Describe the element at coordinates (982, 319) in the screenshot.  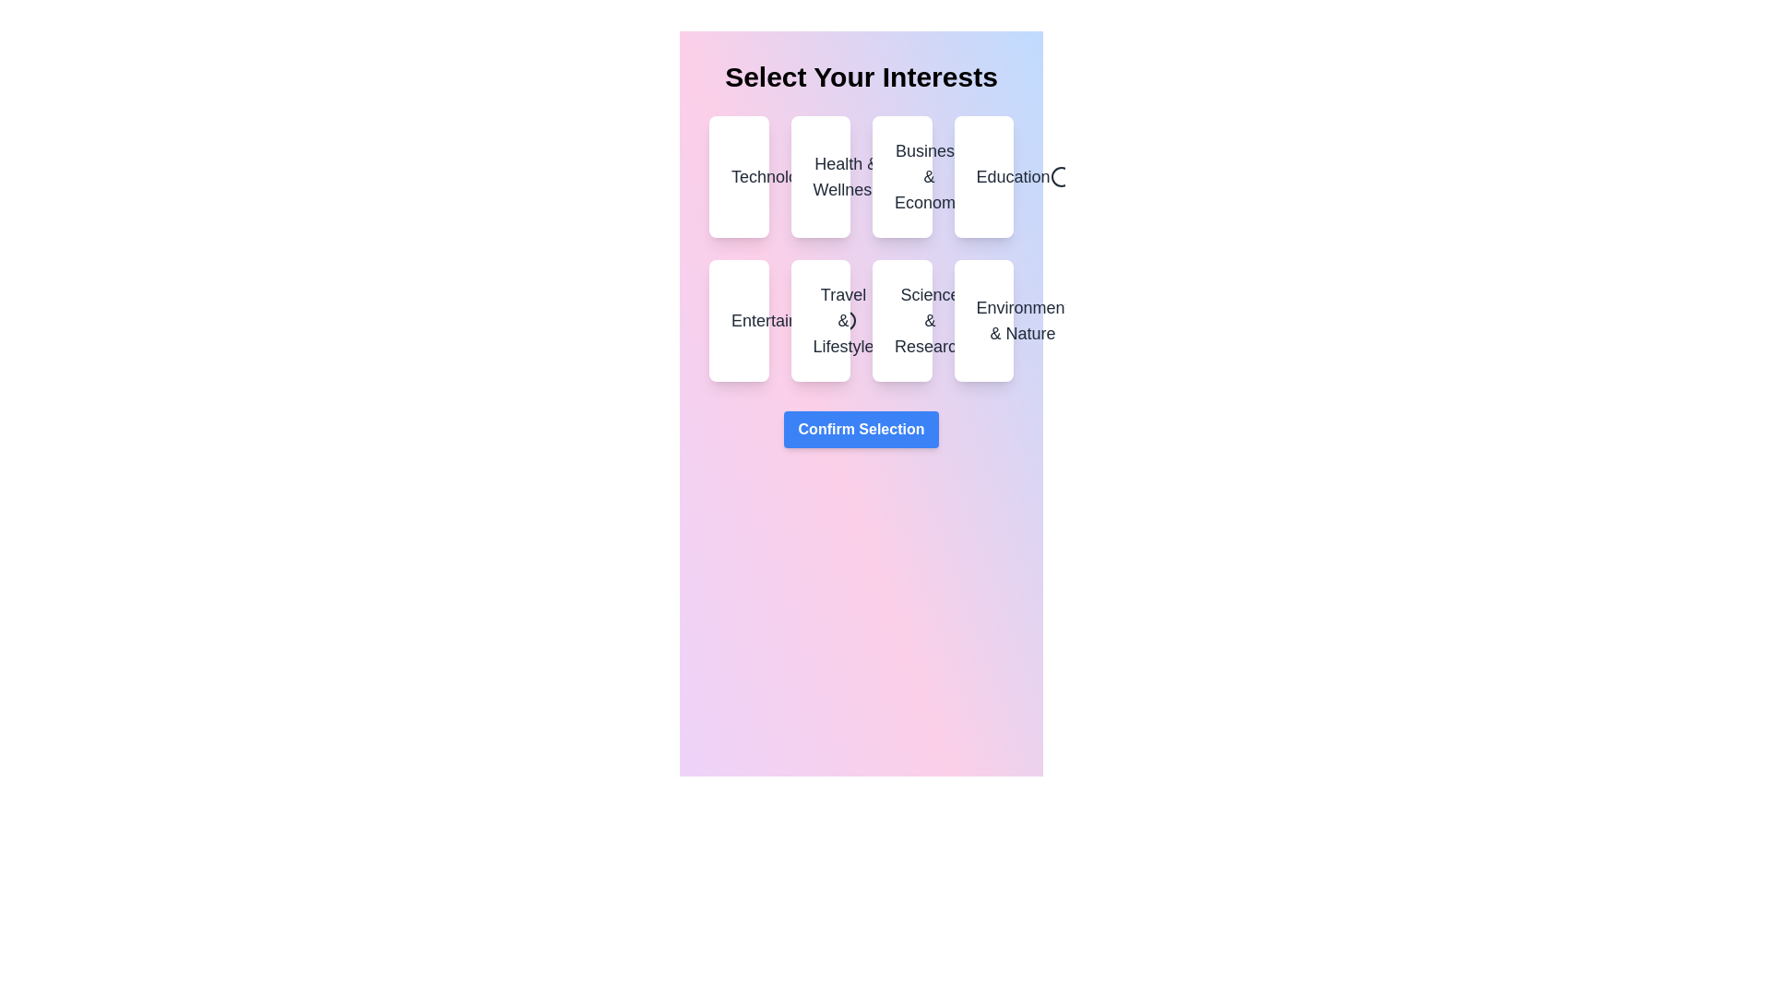
I see `the category Environment & Nature by clicking on it` at that location.